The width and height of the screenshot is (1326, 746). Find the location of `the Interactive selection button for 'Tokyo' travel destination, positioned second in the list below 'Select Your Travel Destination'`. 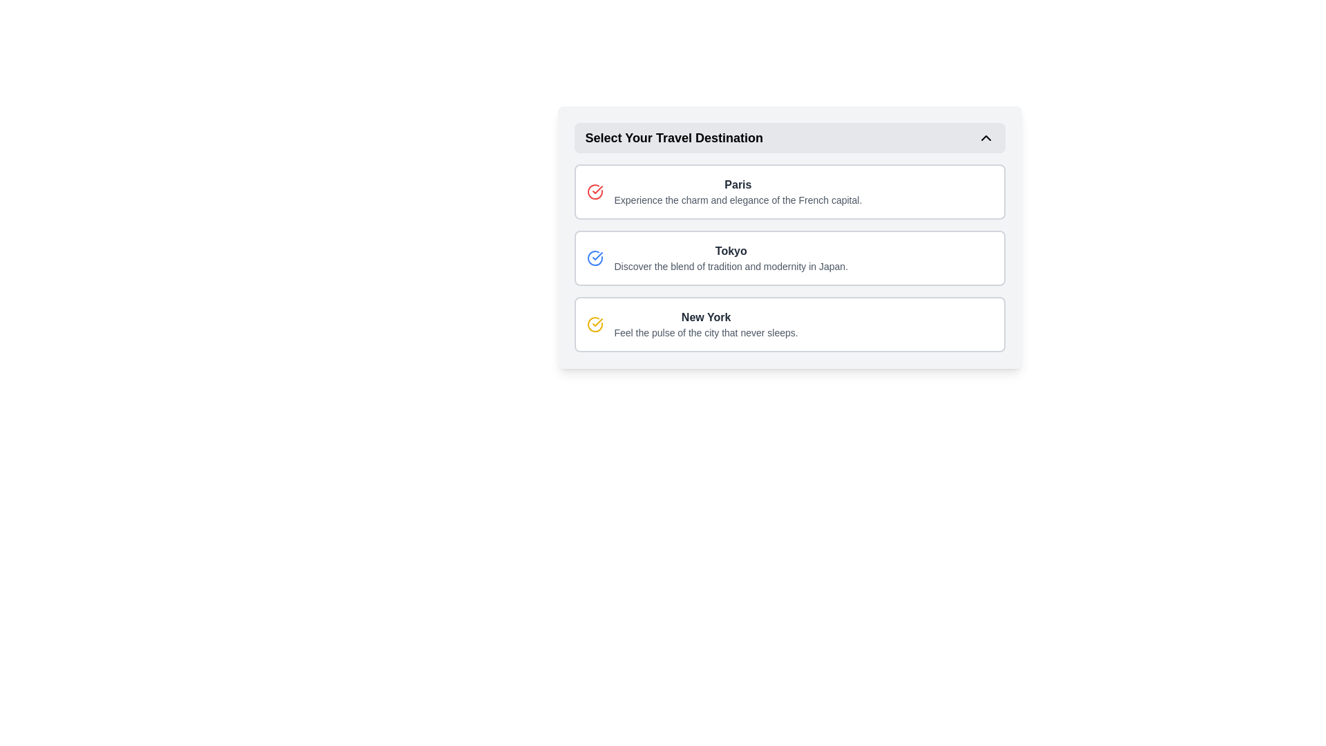

the Interactive selection button for 'Tokyo' travel destination, positioned second in the list below 'Select Your Travel Destination' is located at coordinates (789, 236).